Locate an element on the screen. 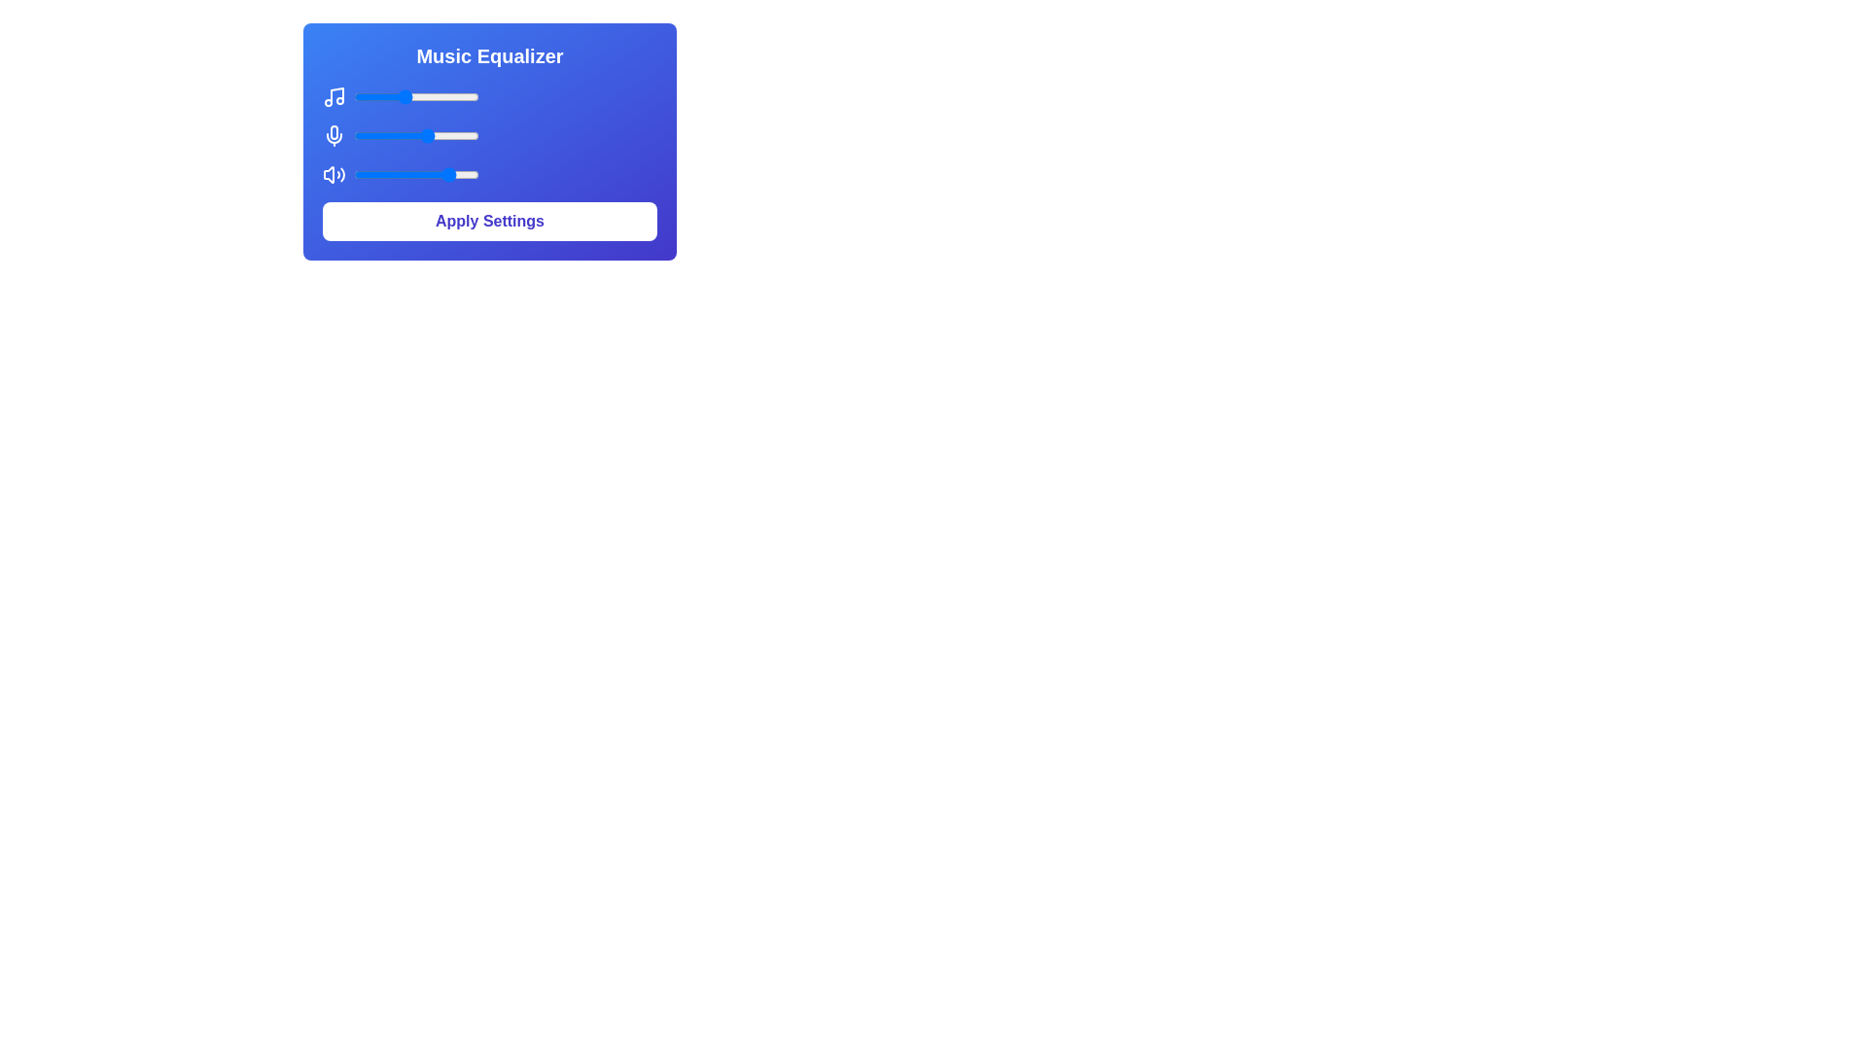 This screenshot has width=1867, height=1050. the slider value is located at coordinates (434, 134).